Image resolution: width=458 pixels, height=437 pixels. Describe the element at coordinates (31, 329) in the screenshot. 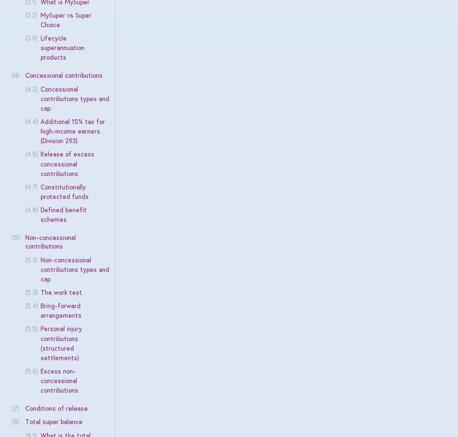

I see `'(5.5)'` at that location.